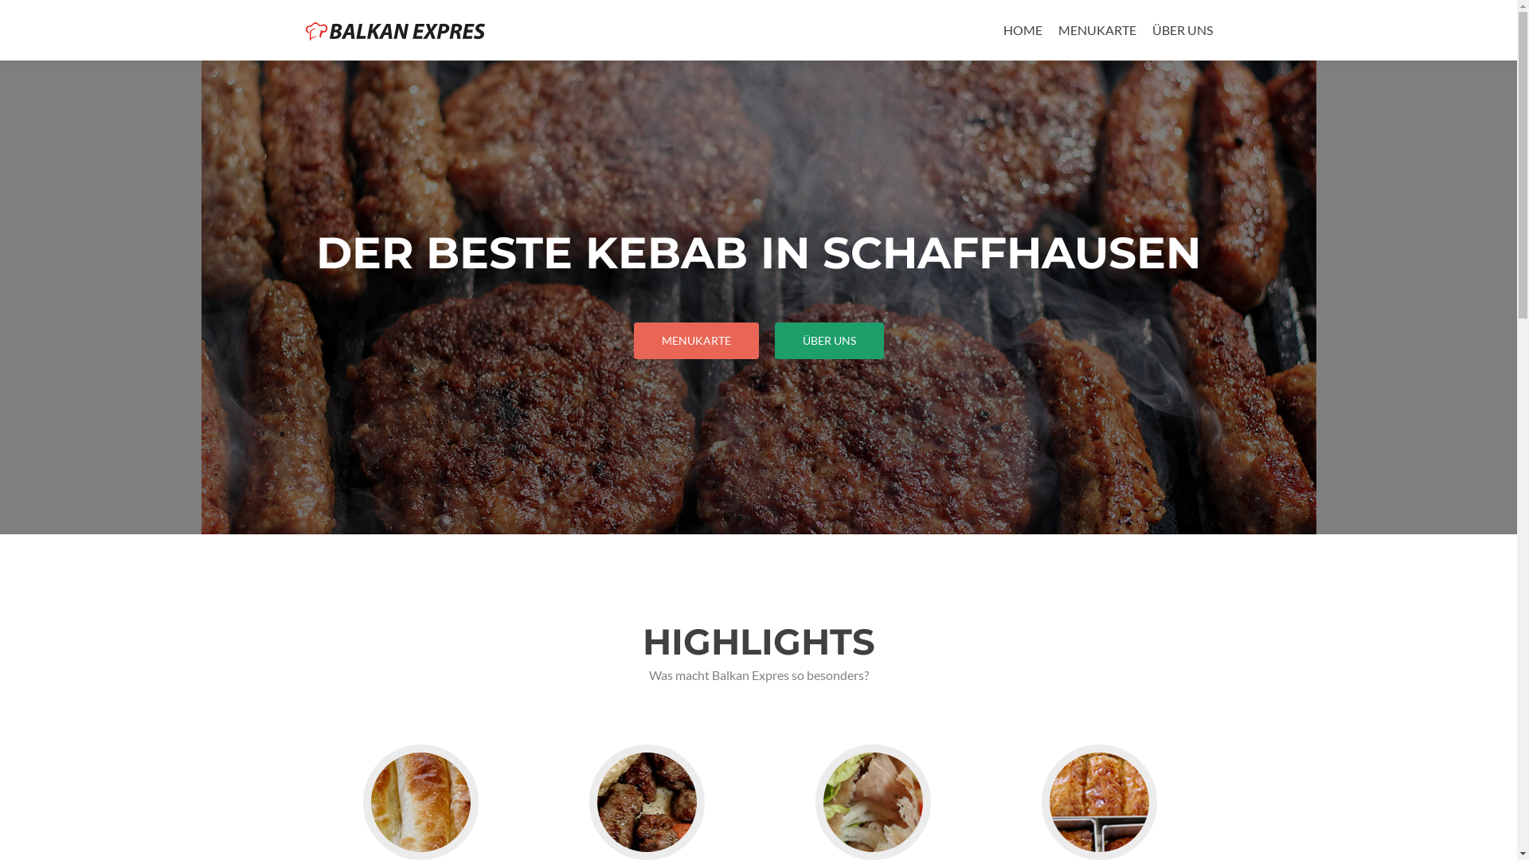 Image resolution: width=1529 pixels, height=860 pixels. What do you see at coordinates (696, 340) in the screenshot?
I see `'MENUKARTE'` at bounding box center [696, 340].